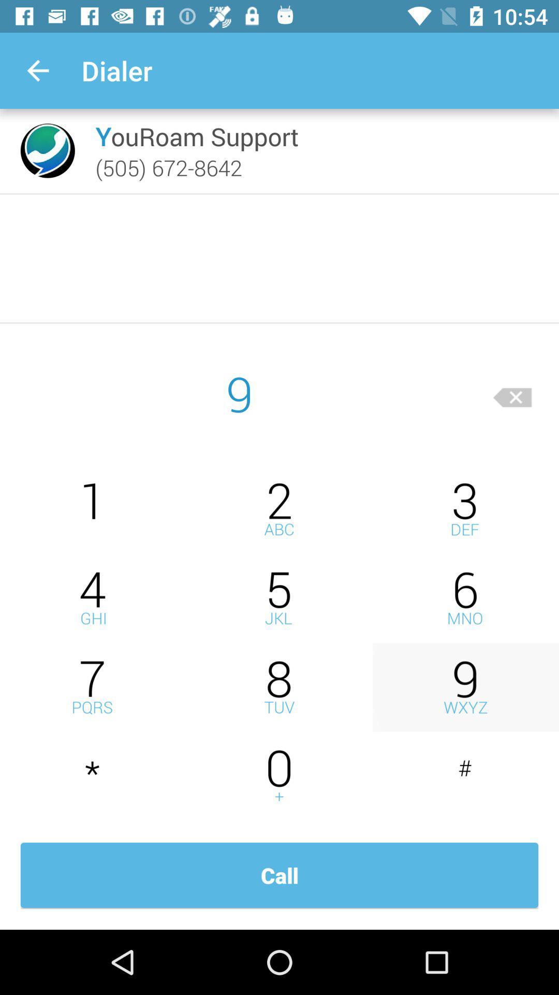 The image size is (559, 995). I want to click on a digit, so click(93, 509).